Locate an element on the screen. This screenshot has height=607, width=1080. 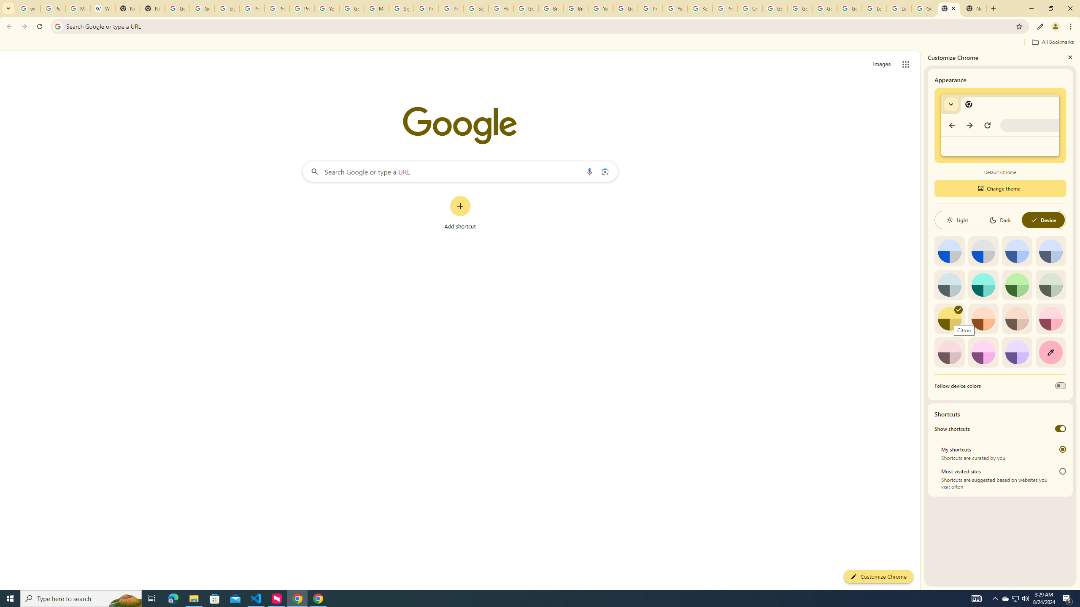
'Apricot' is located at coordinates (1017, 318).